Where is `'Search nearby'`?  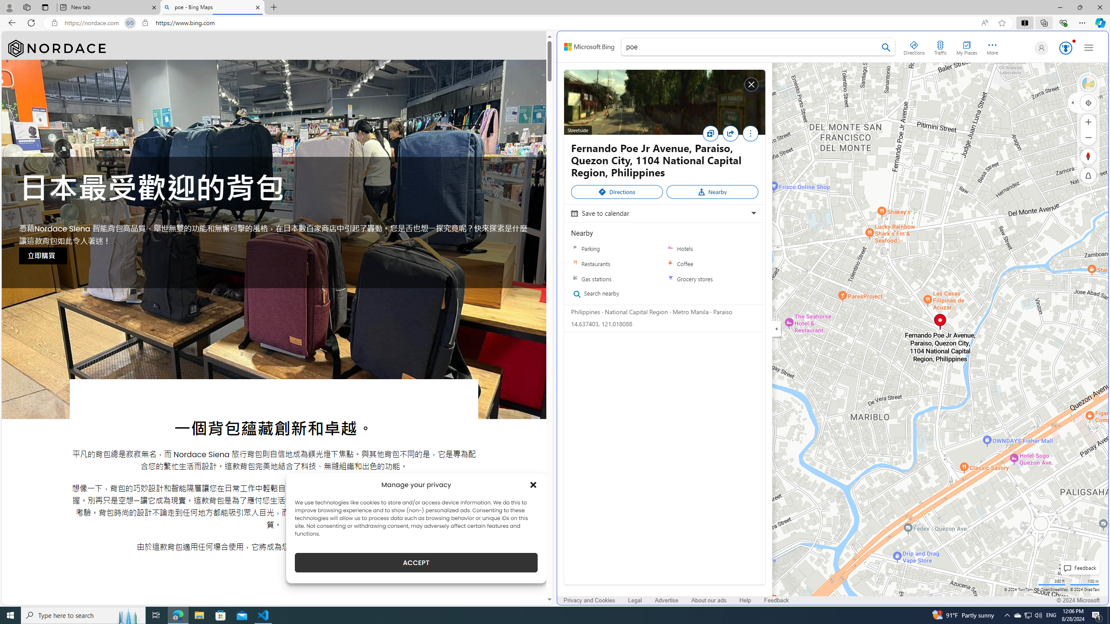 'Search nearby' is located at coordinates (613, 293).